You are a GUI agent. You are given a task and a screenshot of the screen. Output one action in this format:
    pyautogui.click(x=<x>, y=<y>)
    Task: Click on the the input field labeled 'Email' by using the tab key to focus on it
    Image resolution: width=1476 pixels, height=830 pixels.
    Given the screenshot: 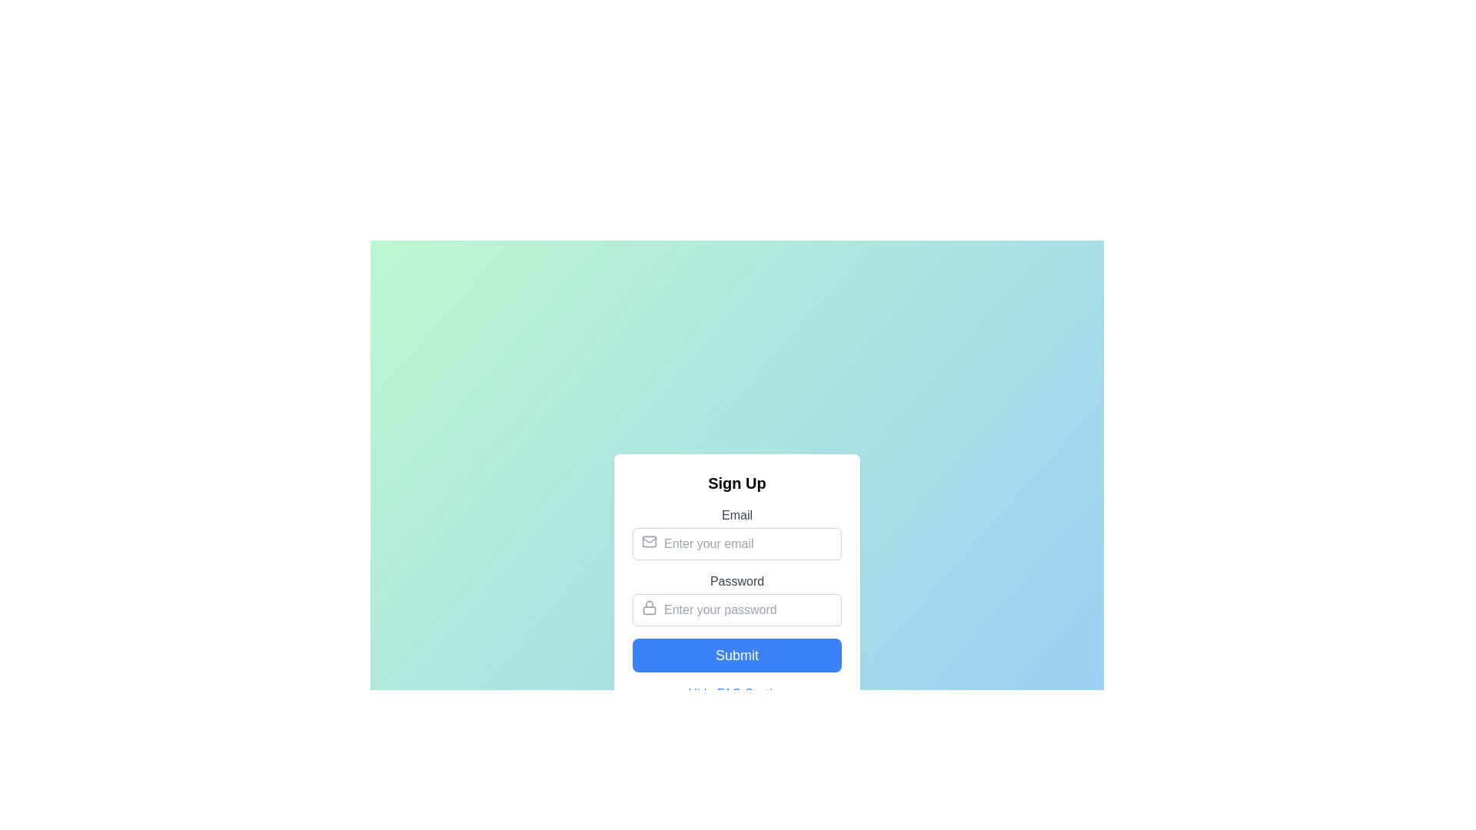 What is the action you would take?
    pyautogui.click(x=736, y=533)
    